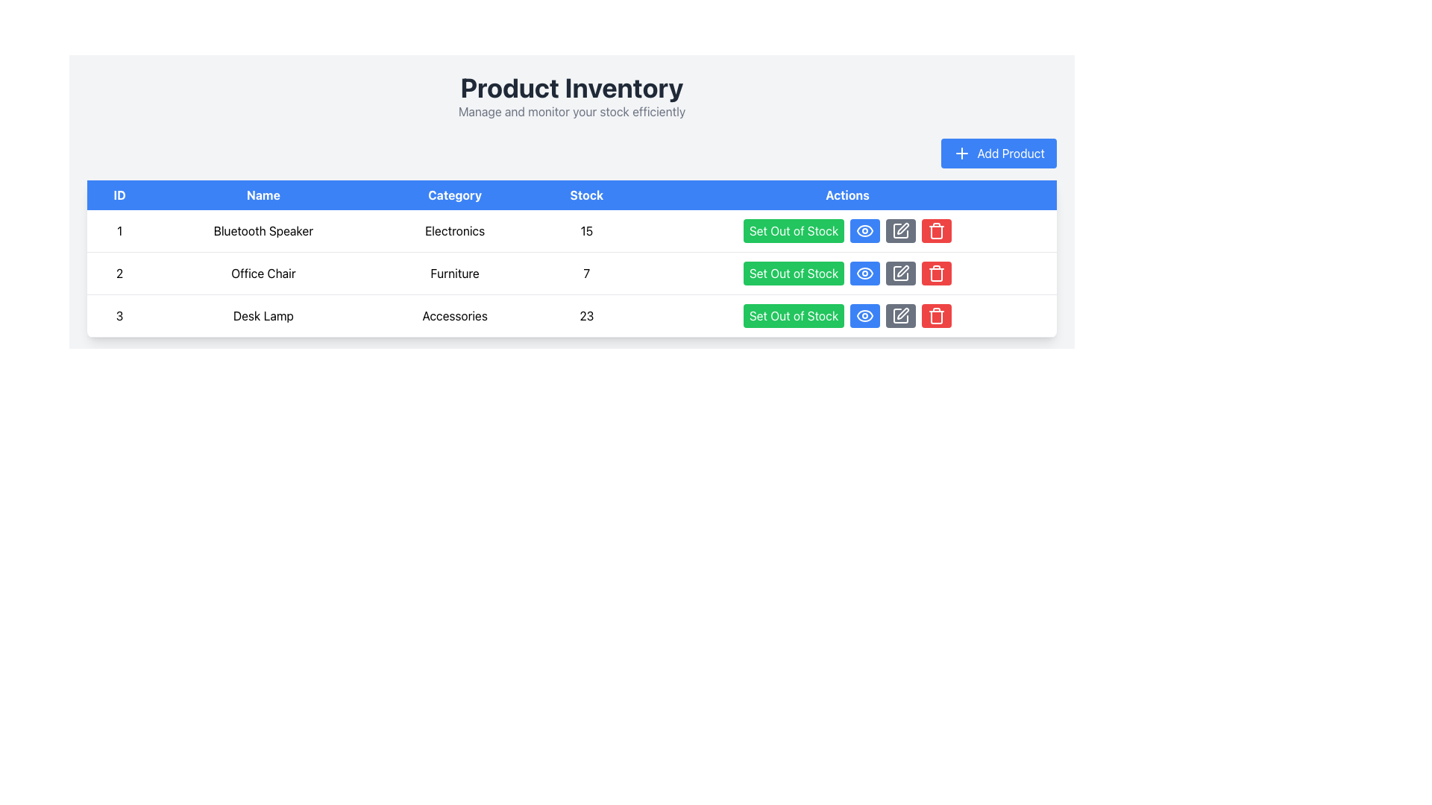  What do you see at coordinates (793, 315) in the screenshot?
I see `the first button in the Actions column of the third row to mark the Desk Lamp as out of stock` at bounding box center [793, 315].